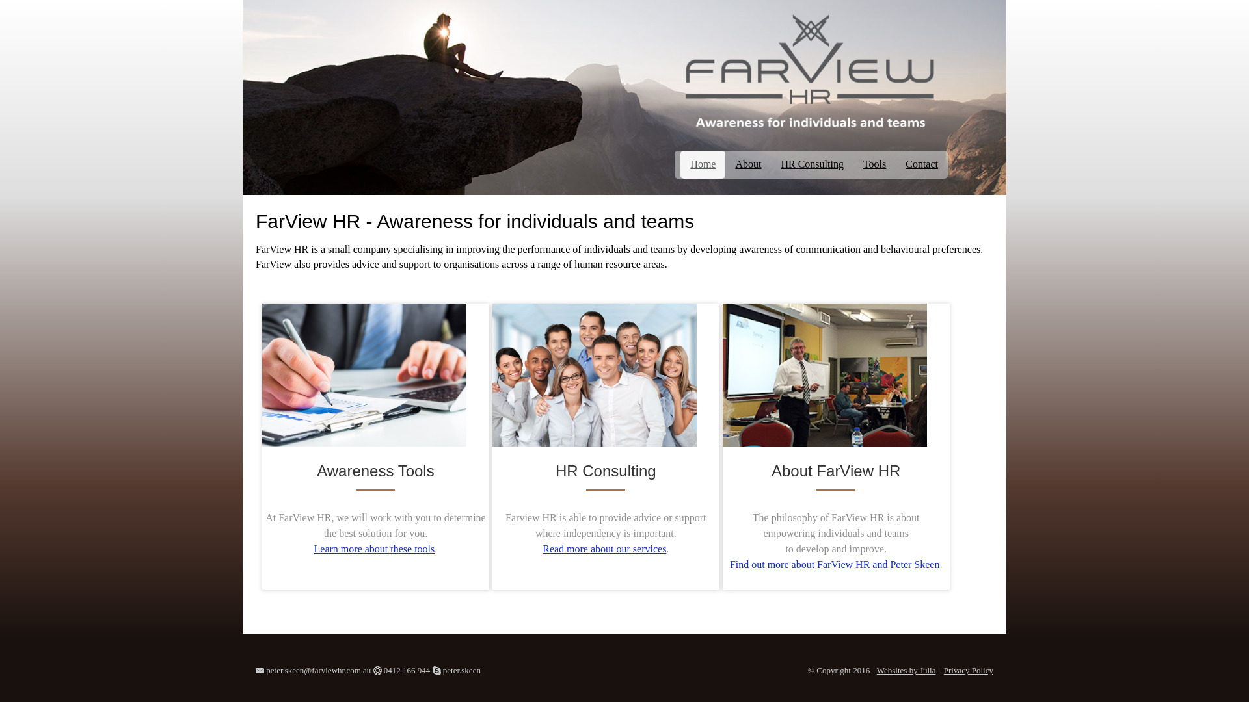 The image size is (1249, 702). I want to click on 'Find out more about FarView HR and Peter Skeen', so click(835, 564).